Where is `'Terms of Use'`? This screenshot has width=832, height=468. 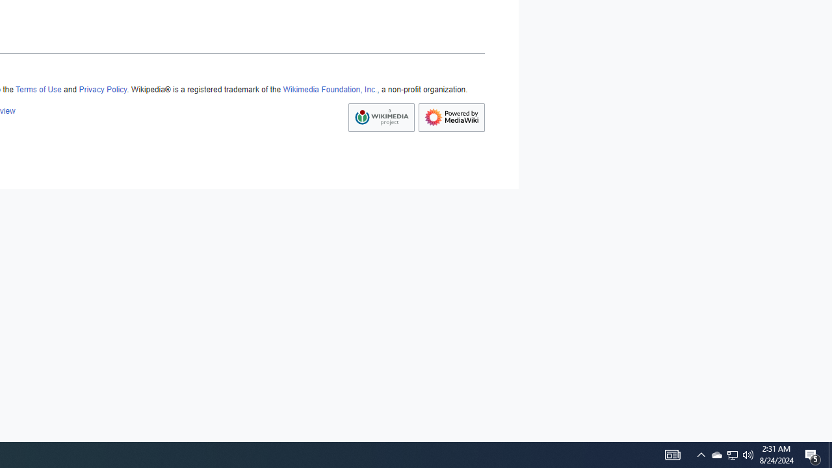
'Terms of Use' is located at coordinates (38, 89).